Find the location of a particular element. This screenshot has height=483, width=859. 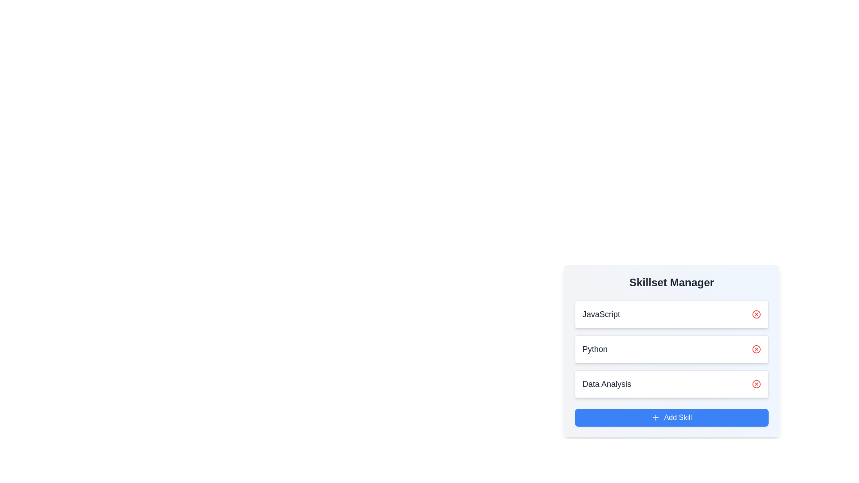

'Remove' button next to the skill JavaScript to remove it from the list is located at coordinates (756, 314).